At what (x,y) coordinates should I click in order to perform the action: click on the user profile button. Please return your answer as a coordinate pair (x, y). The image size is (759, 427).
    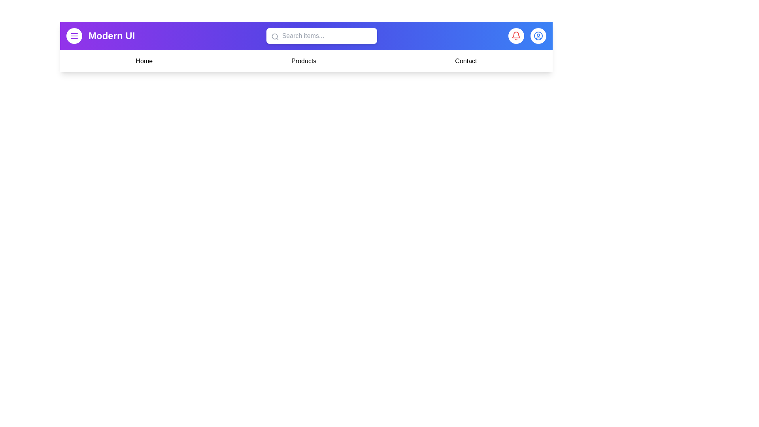
    Looking at the image, I should click on (538, 36).